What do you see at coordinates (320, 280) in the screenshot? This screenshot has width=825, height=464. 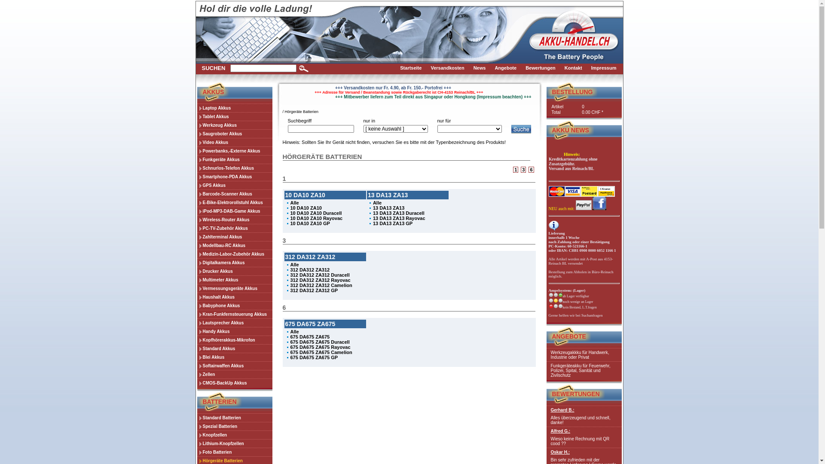 I see `'312 DA312 ZA312 Rayovac'` at bounding box center [320, 280].